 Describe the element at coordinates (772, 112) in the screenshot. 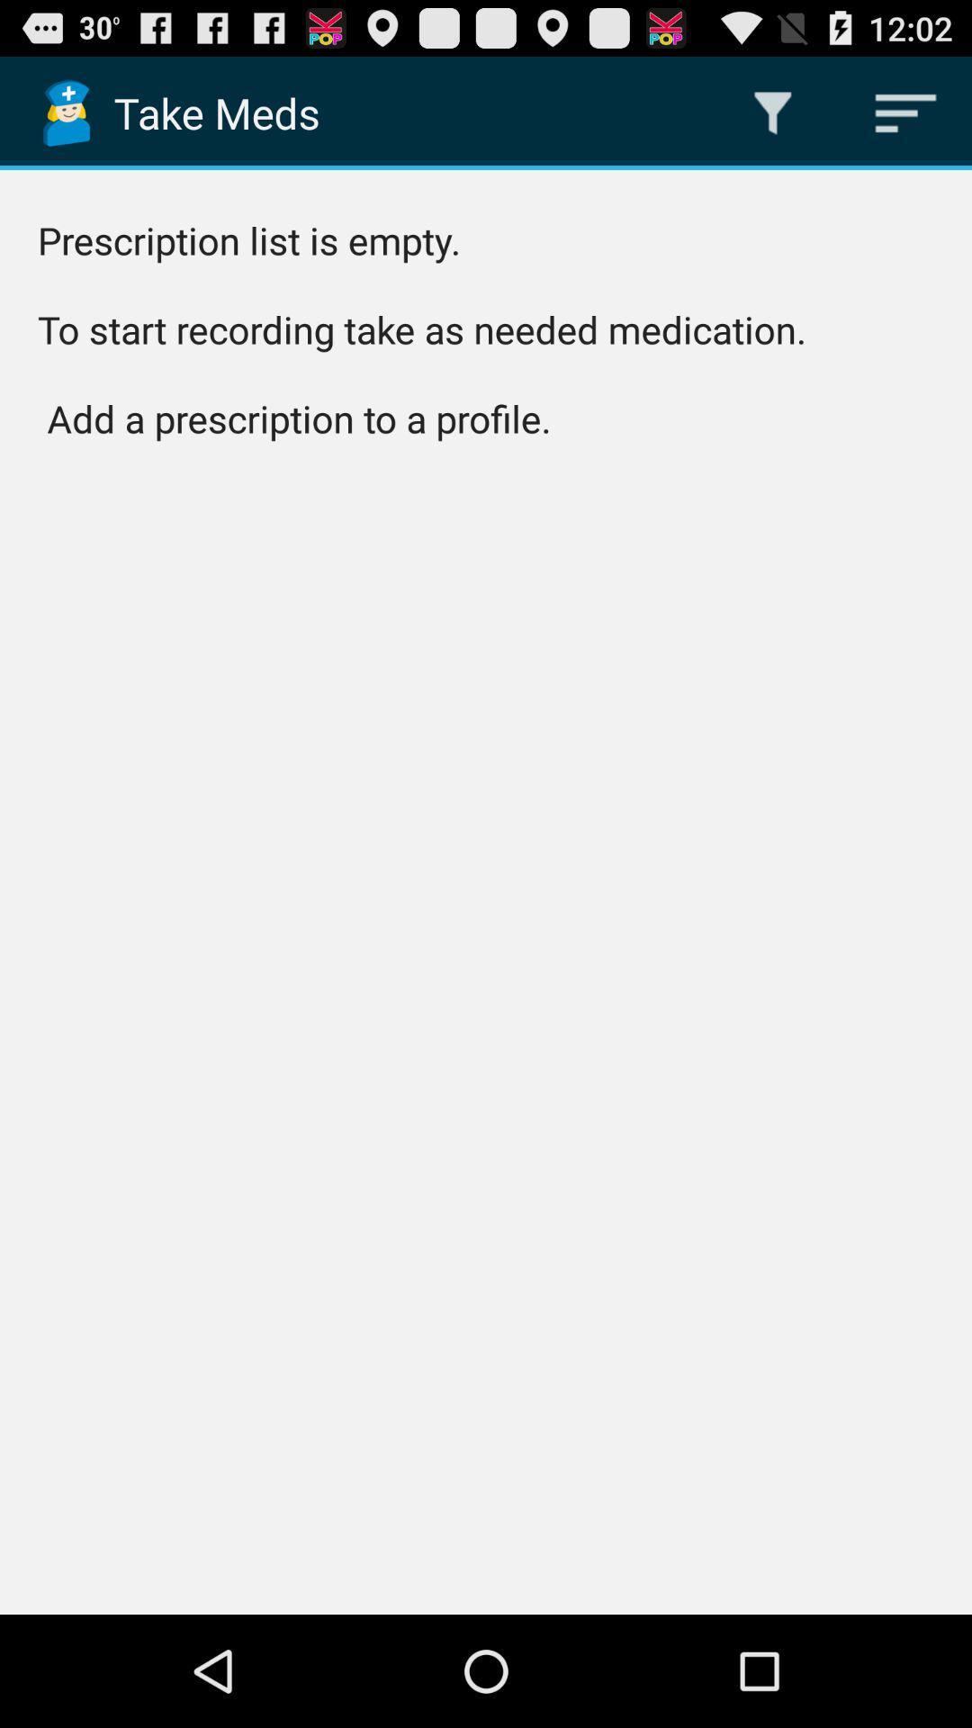

I see `the app to the right of take meds app` at that location.